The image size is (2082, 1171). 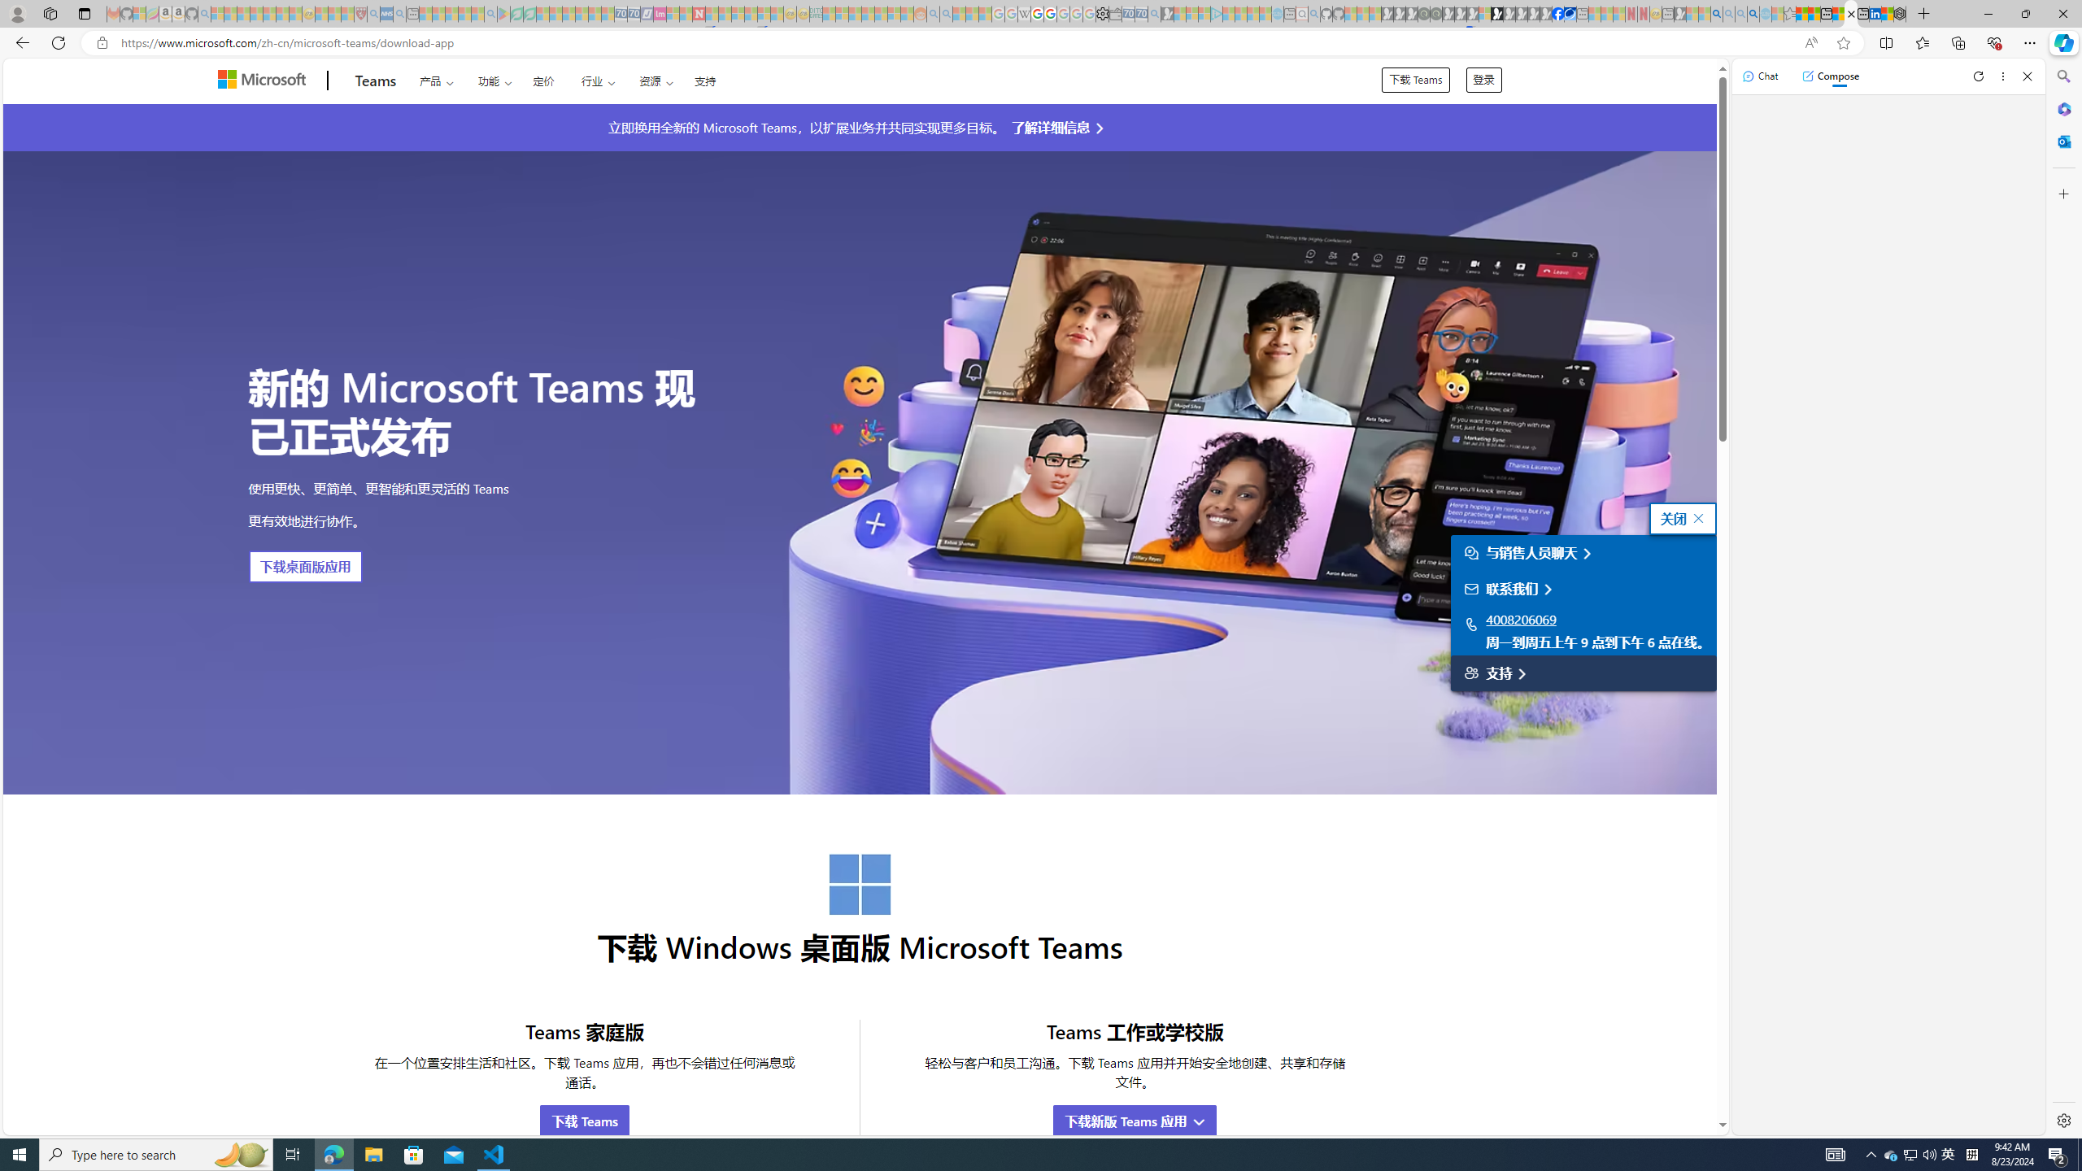 I want to click on 'Microsoft Start Gaming - Sleeping', so click(x=1166, y=13).